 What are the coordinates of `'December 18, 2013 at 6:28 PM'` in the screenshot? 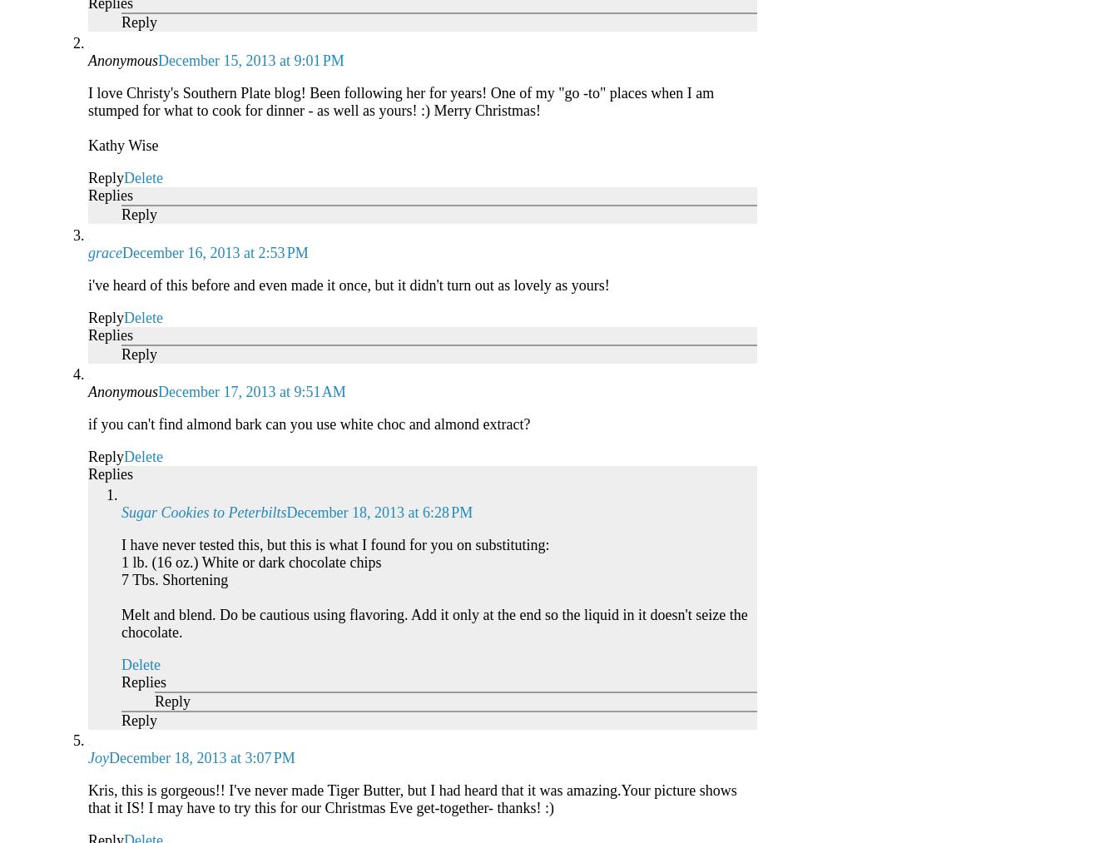 It's located at (379, 510).